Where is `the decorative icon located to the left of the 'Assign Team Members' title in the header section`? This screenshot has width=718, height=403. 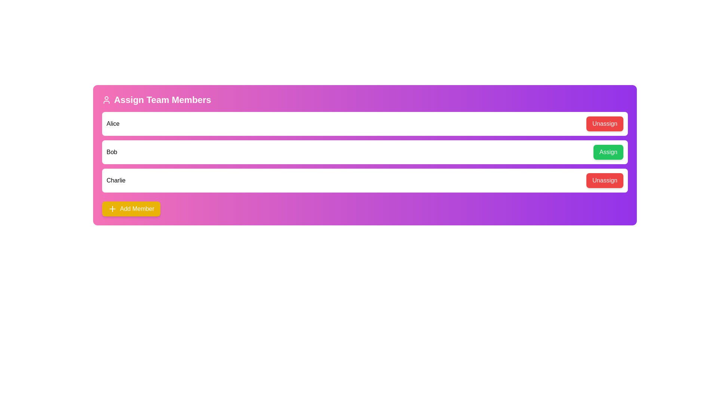
the decorative icon located to the left of the 'Assign Team Members' title in the header section is located at coordinates (106, 99).